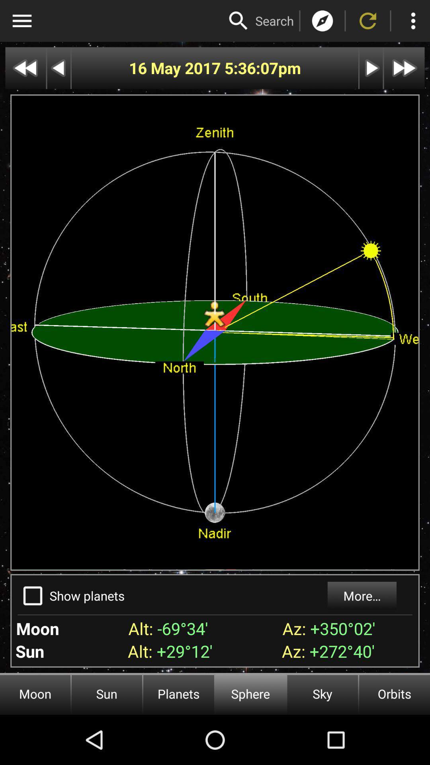 Image resolution: width=430 pixels, height=765 pixels. Describe the element at coordinates (58, 68) in the screenshot. I see `predecessor` at that location.